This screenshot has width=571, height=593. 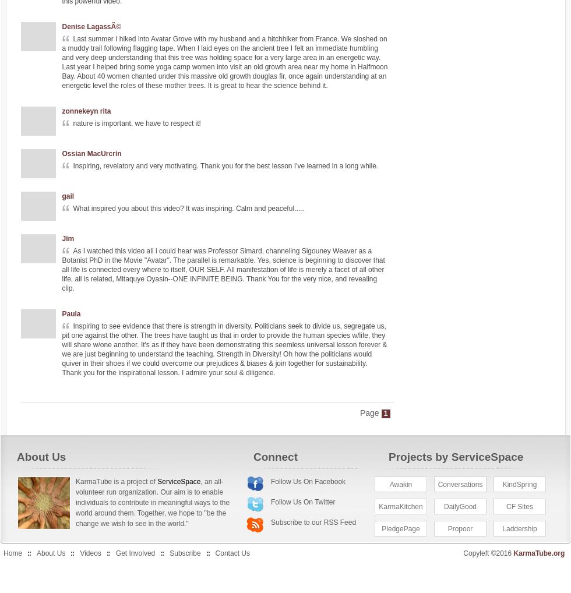 I want to click on 'Inspiring to see evidence that there is strength in diversity. Politicians seek to divide us, segregate us, pit one against the other. The trees have taught us that in order to provide the human species w/life, they will share w/one another. It's as if they have been demonstrating this seemless universal lesson forever & we are just beginning to understand the teaching. Strength in Diversity! Oh how the politicians would quiver in their shoes if we could overcome our prejudices & biases & join together for sustainability. Thank you for the inspirational lesson. I admire your soul & diligence.', so click(x=224, y=350).